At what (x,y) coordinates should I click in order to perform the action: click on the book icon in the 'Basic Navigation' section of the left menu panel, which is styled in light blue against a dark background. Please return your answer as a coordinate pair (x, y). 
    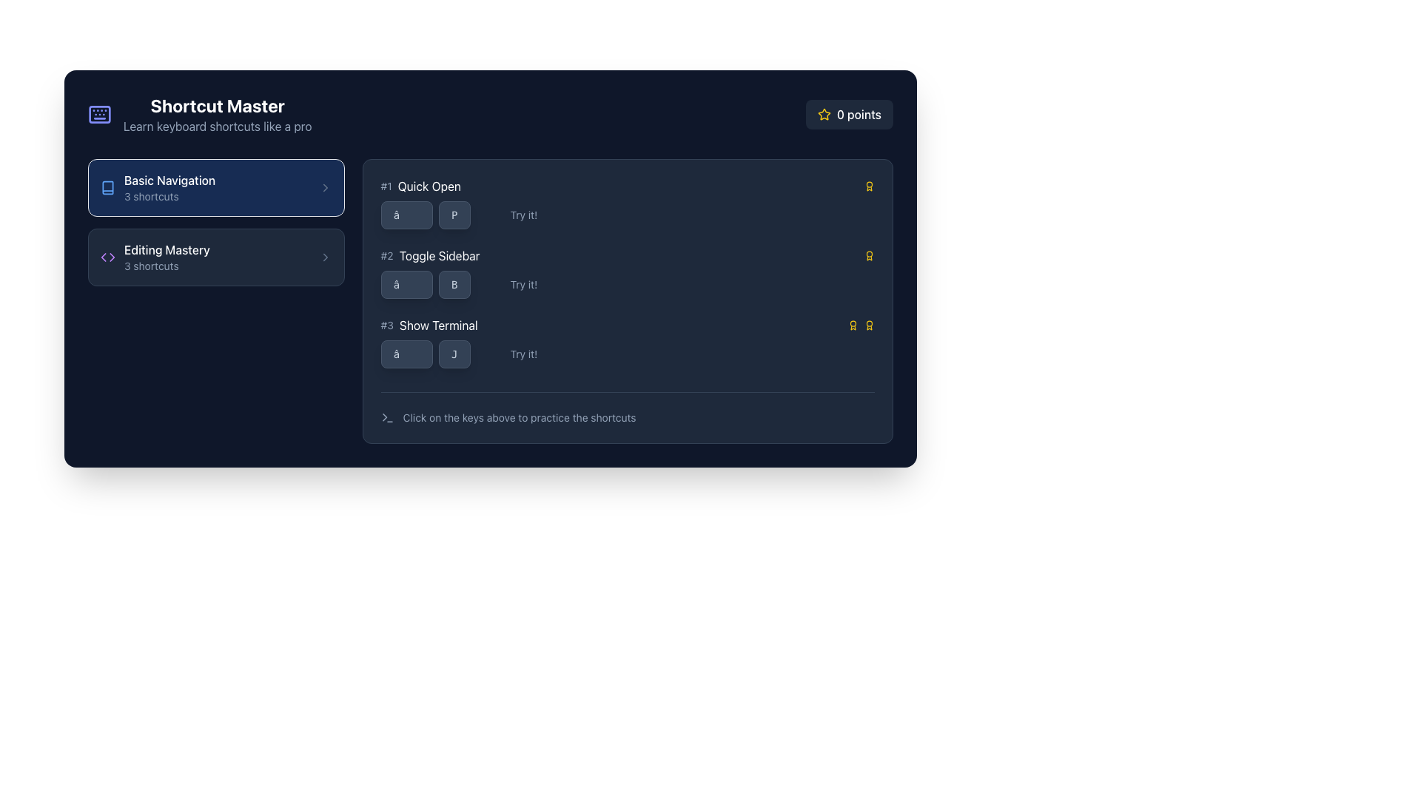
    Looking at the image, I should click on (107, 187).